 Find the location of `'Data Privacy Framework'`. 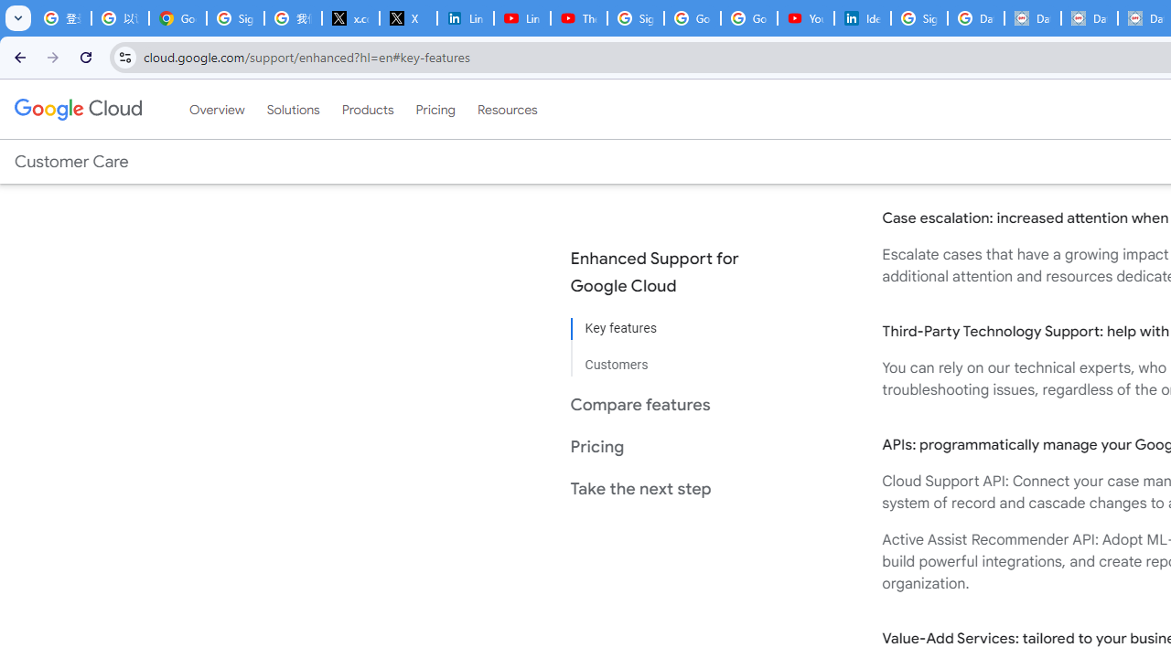

'Data Privacy Framework' is located at coordinates (1032, 18).